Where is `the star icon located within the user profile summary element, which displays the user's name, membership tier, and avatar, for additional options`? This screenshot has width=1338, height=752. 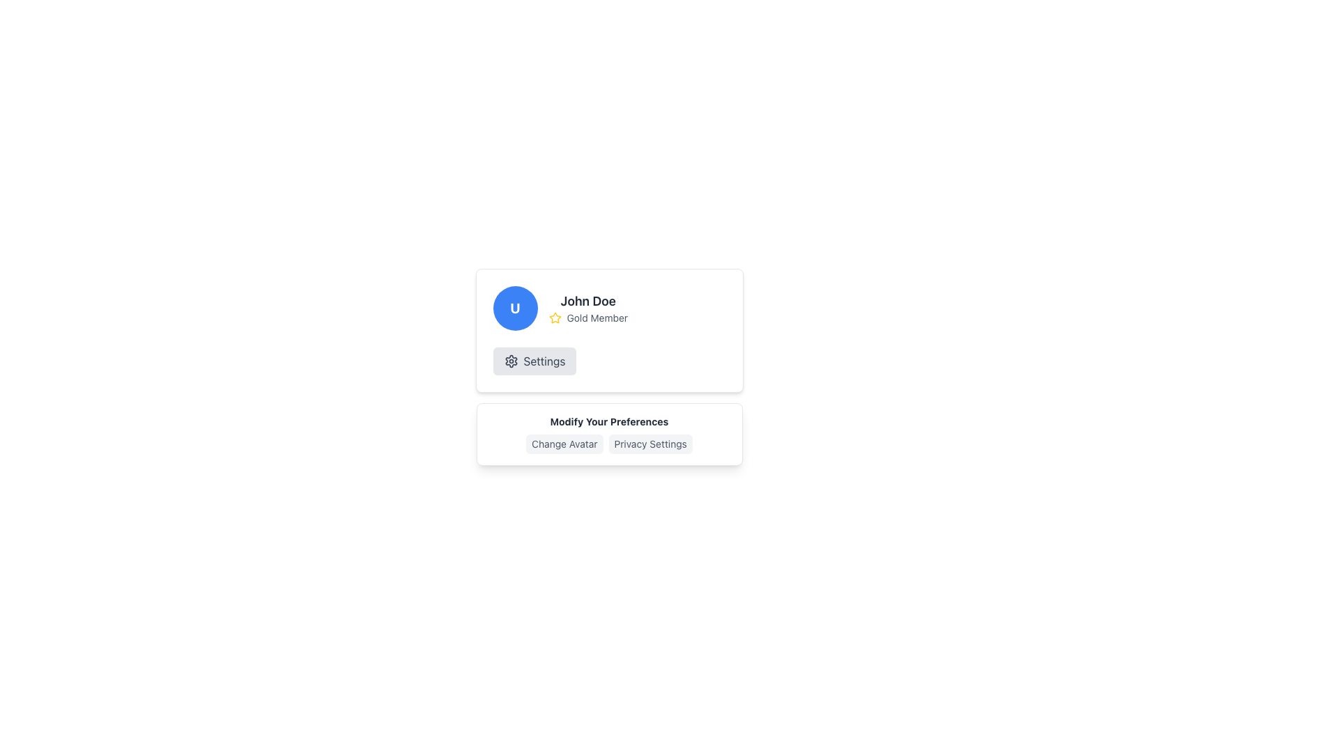 the star icon located within the user profile summary element, which displays the user's name, membership tier, and avatar, for additional options is located at coordinates (609, 308).